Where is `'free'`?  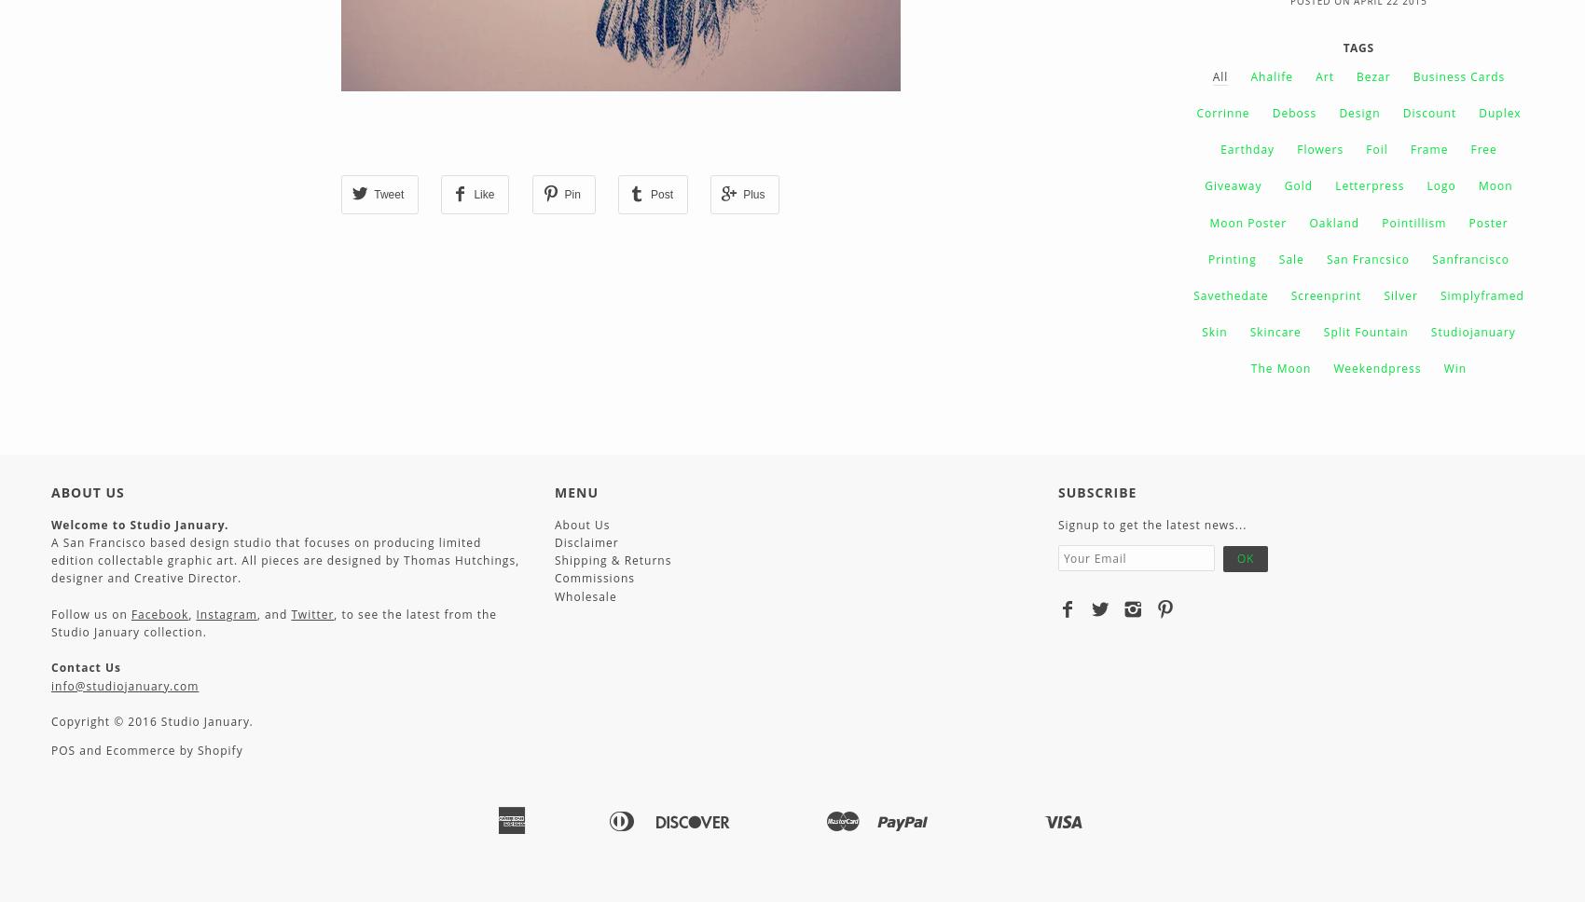 'free' is located at coordinates (1483, 148).